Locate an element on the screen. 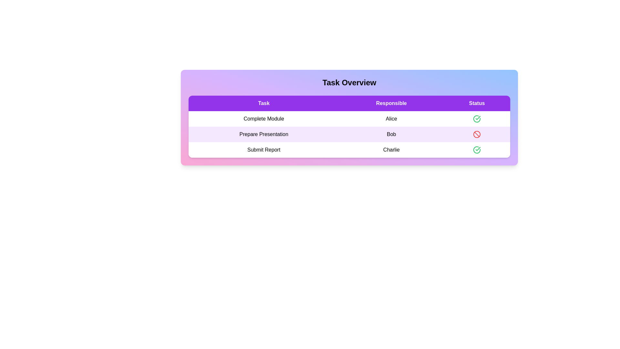 This screenshot has width=620, height=349. the completion status icon for the 'Complete Module' task located is located at coordinates (477, 119).